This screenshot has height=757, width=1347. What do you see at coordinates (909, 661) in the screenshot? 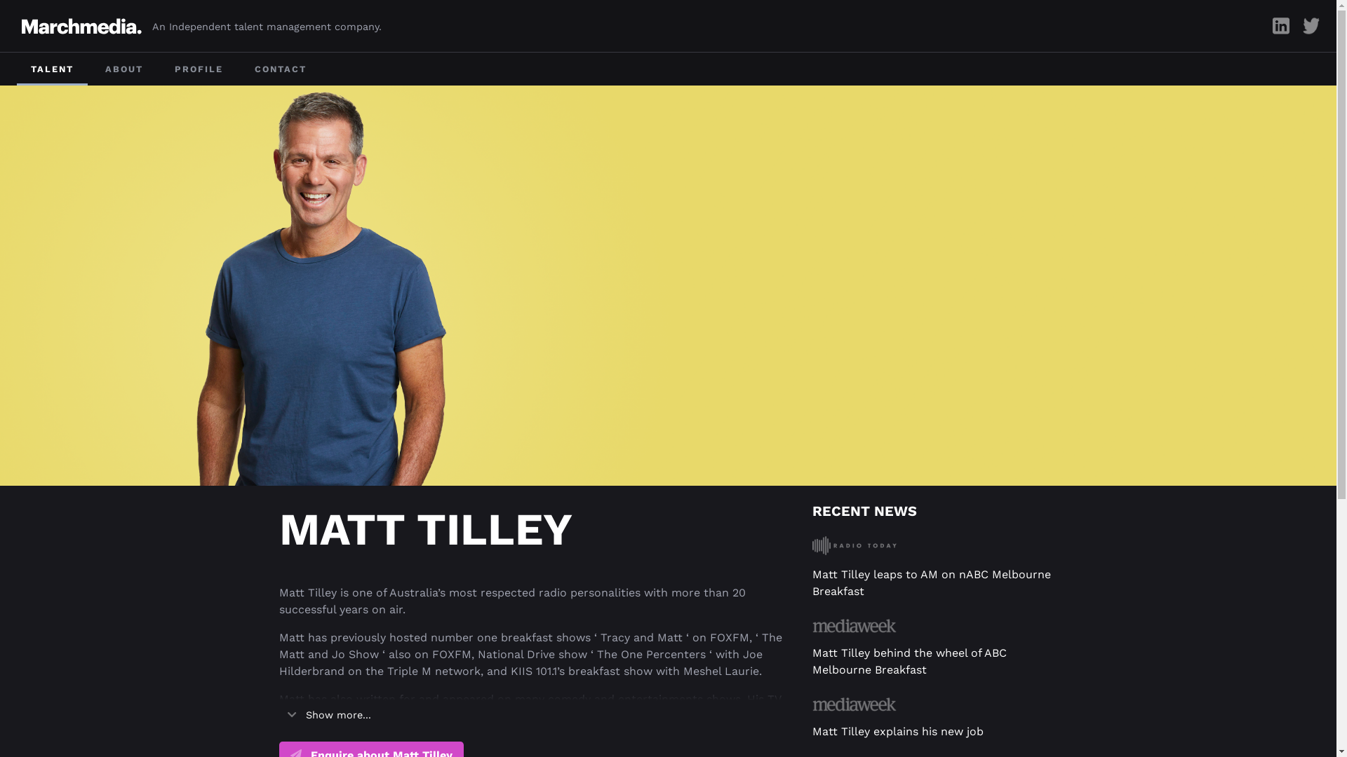
I see `'Matt Tilley behind the wheel of ABC Melbourne Breakfast'` at bounding box center [909, 661].